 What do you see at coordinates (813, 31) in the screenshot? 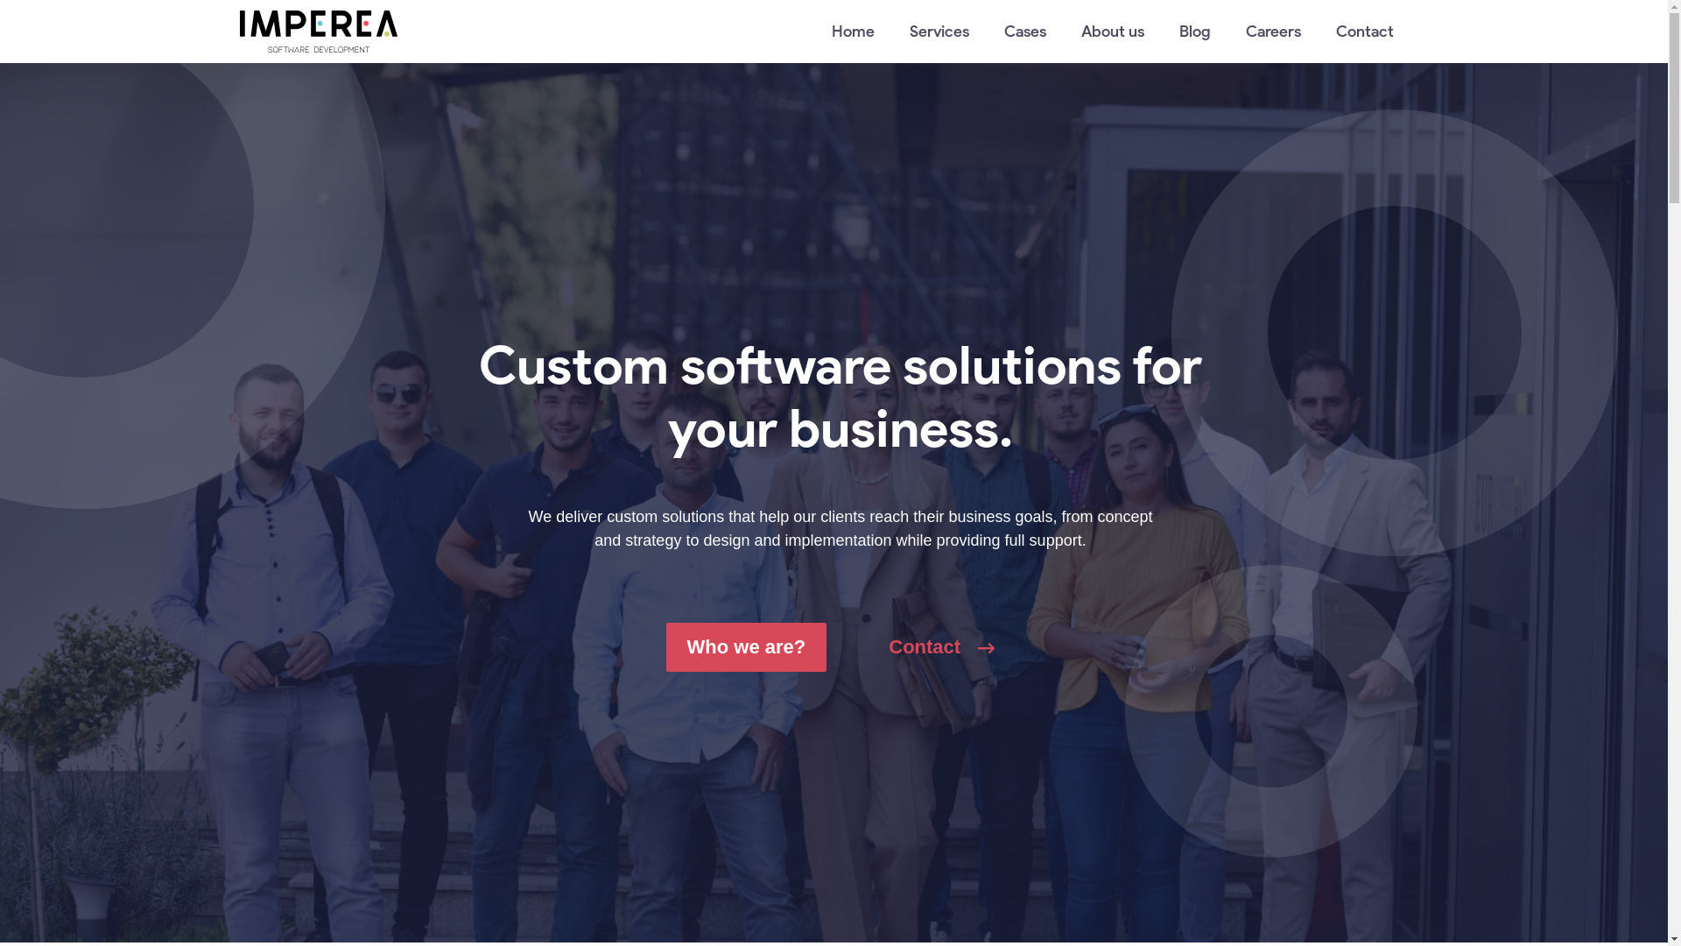
I see `'Home'` at bounding box center [813, 31].